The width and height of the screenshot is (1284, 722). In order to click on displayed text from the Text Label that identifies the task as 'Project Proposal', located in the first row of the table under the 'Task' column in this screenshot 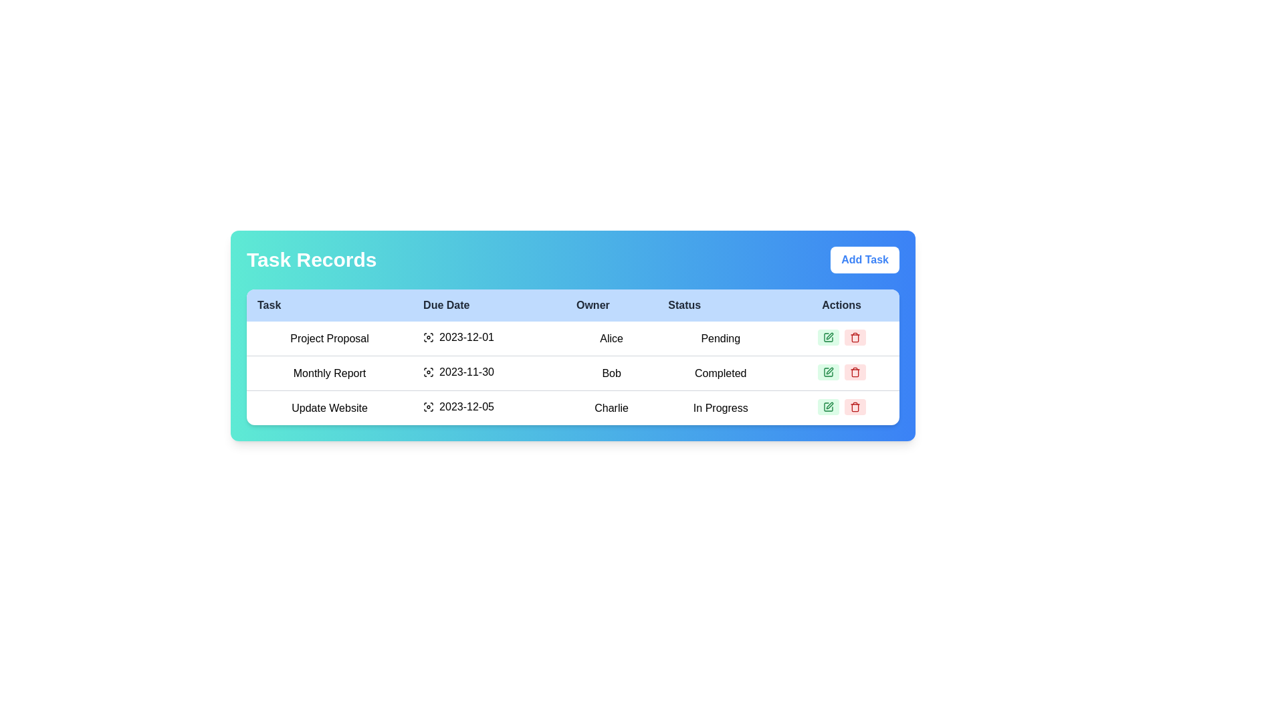, I will do `click(330, 338)`.